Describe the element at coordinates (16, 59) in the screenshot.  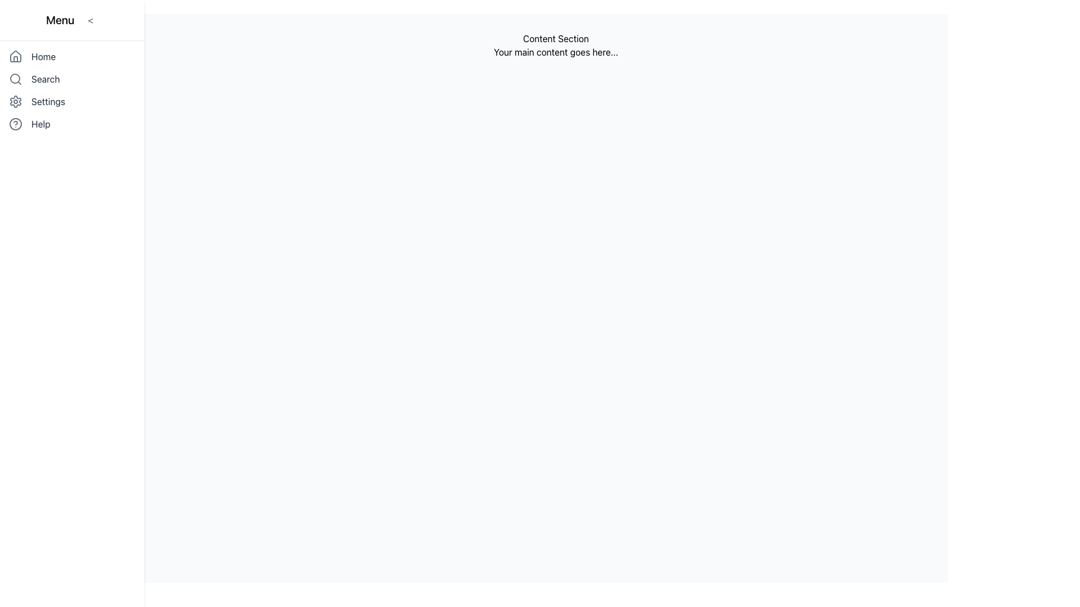
I see `the decorative lower part of the 'Home' icon in the sidebar navigation` at that location.